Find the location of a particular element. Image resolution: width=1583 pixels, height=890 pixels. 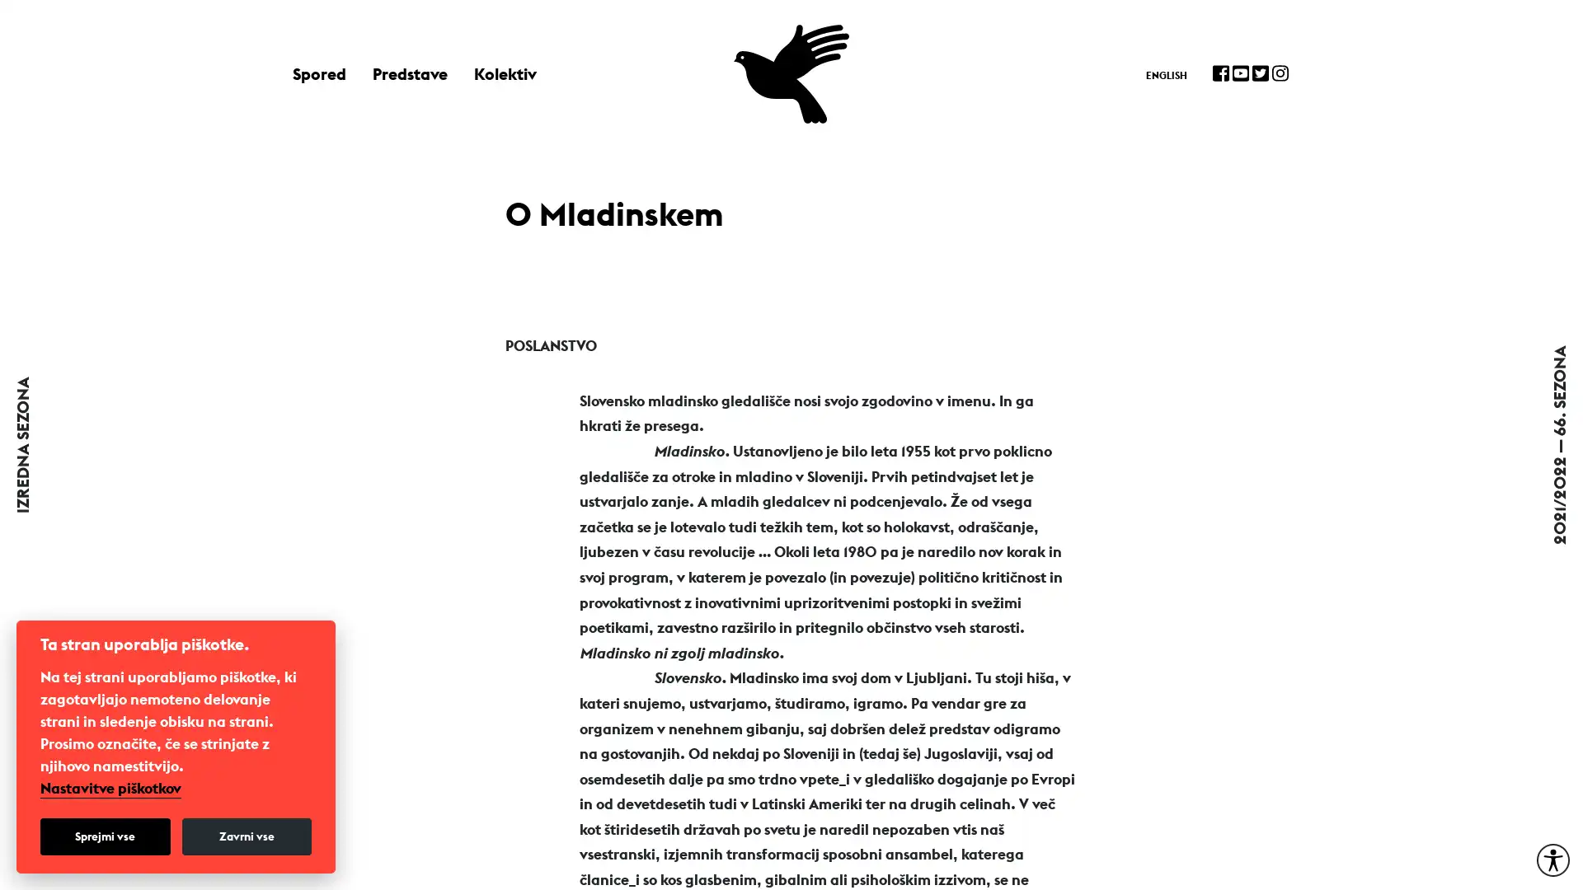

Zavrni vse is located at coordinates (245, 836).